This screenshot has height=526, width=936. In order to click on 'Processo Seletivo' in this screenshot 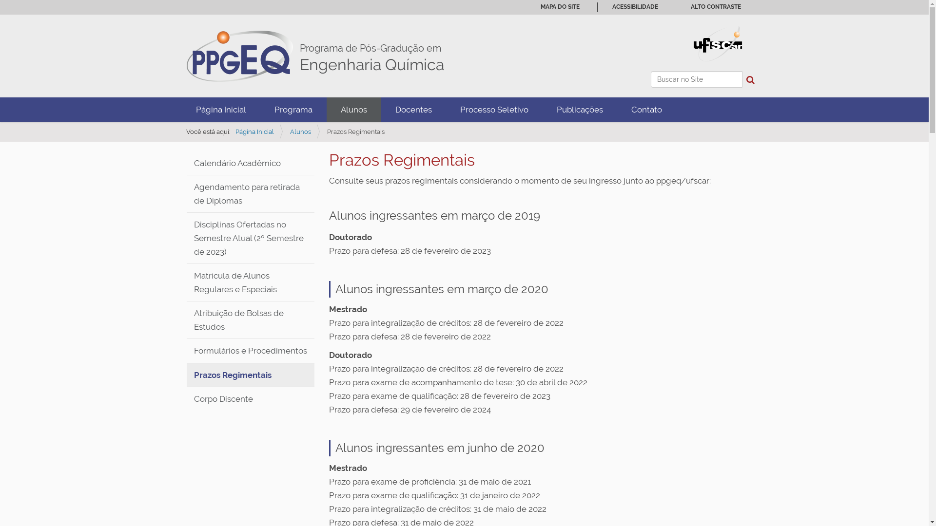, I will do `click(445, 109)`.